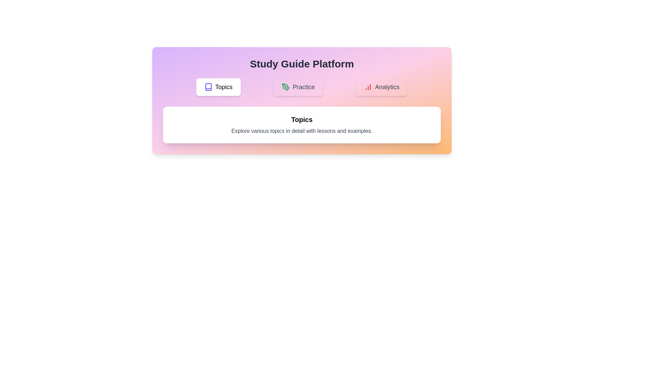 The height and width of the screenshot is (366, 651). What do you see at coordinates (218, 87) in the screenshot?
I see `the Topics button to observe its hover effect` at bounding box center [218, 87].